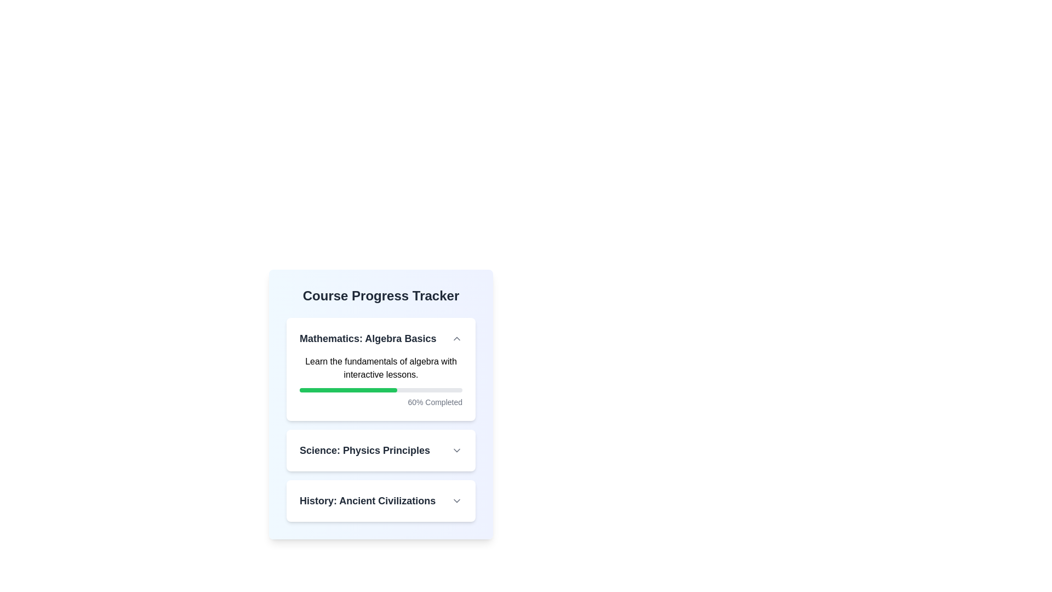  Describe the element at coordinates (381, 450) in the screenshot. I see `the 'Science: Physics Principles' expandable list item card located` at that location.